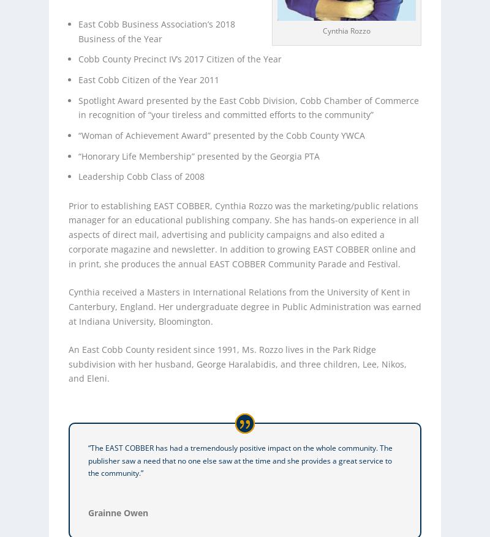 The height and width of the screenshot is (537, 490). I want to click on 'Prior to establishing EAST COBBER, Cynthia Rozzo was the marketing/public relations manager for an educational publishing company. She has hands-on experience in all aspects of direct mail, advertising and publicity campaigns and also edited a corporate magazine and newsletter. In addition to growing EAST COBBER online and in print, she produces the annual EAST COBBER Community Parade and Festival.', so click(68, 233).